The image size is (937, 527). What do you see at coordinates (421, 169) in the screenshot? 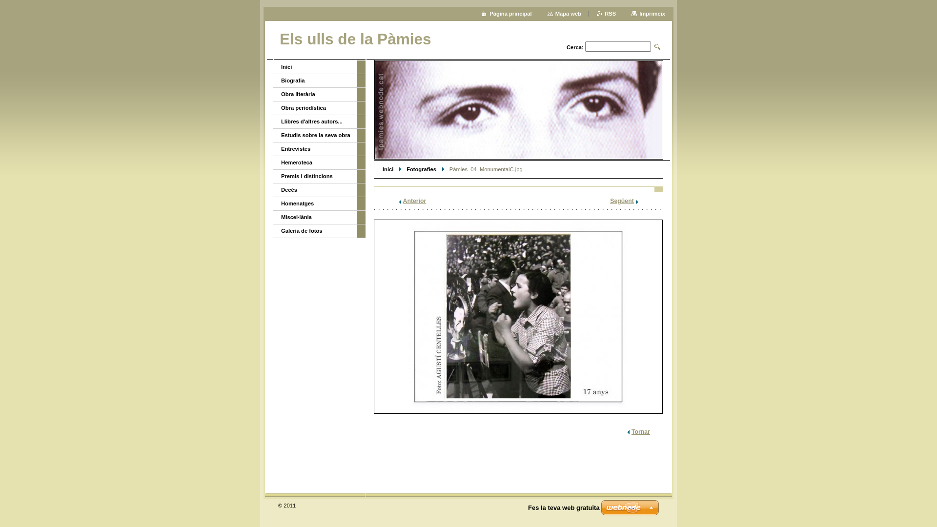
I see `'Fotografies'` at bounding box center [421, 169].